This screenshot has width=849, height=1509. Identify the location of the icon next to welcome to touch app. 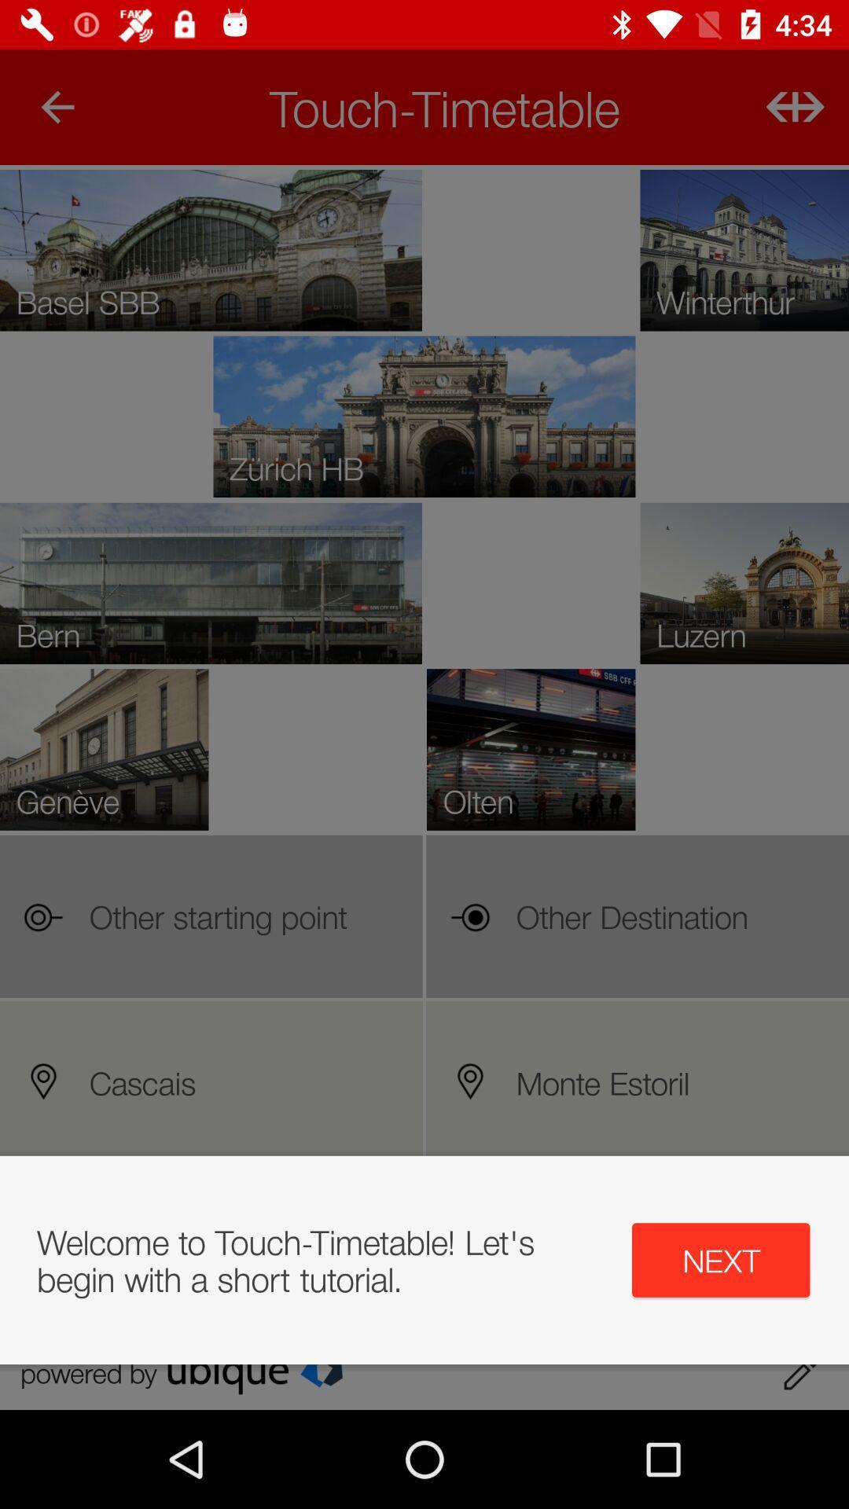
(721, 1260).